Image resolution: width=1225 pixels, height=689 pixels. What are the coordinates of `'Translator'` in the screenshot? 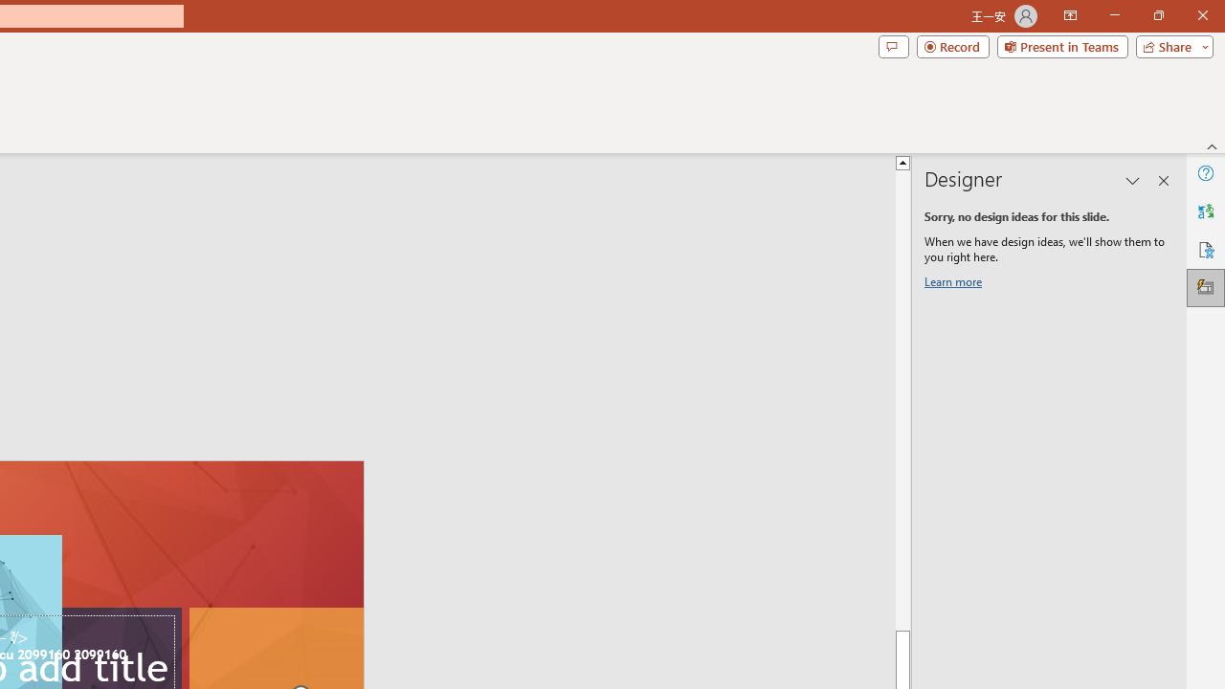 It's located at (1205, 211).